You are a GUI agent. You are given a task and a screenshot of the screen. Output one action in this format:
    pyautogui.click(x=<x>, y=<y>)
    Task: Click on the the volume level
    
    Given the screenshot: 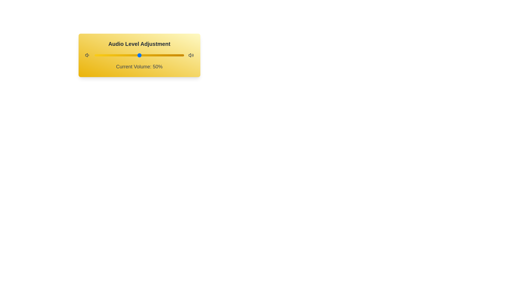 What is the action you would take?
    pyautogui.click(x=111, y=55)
    